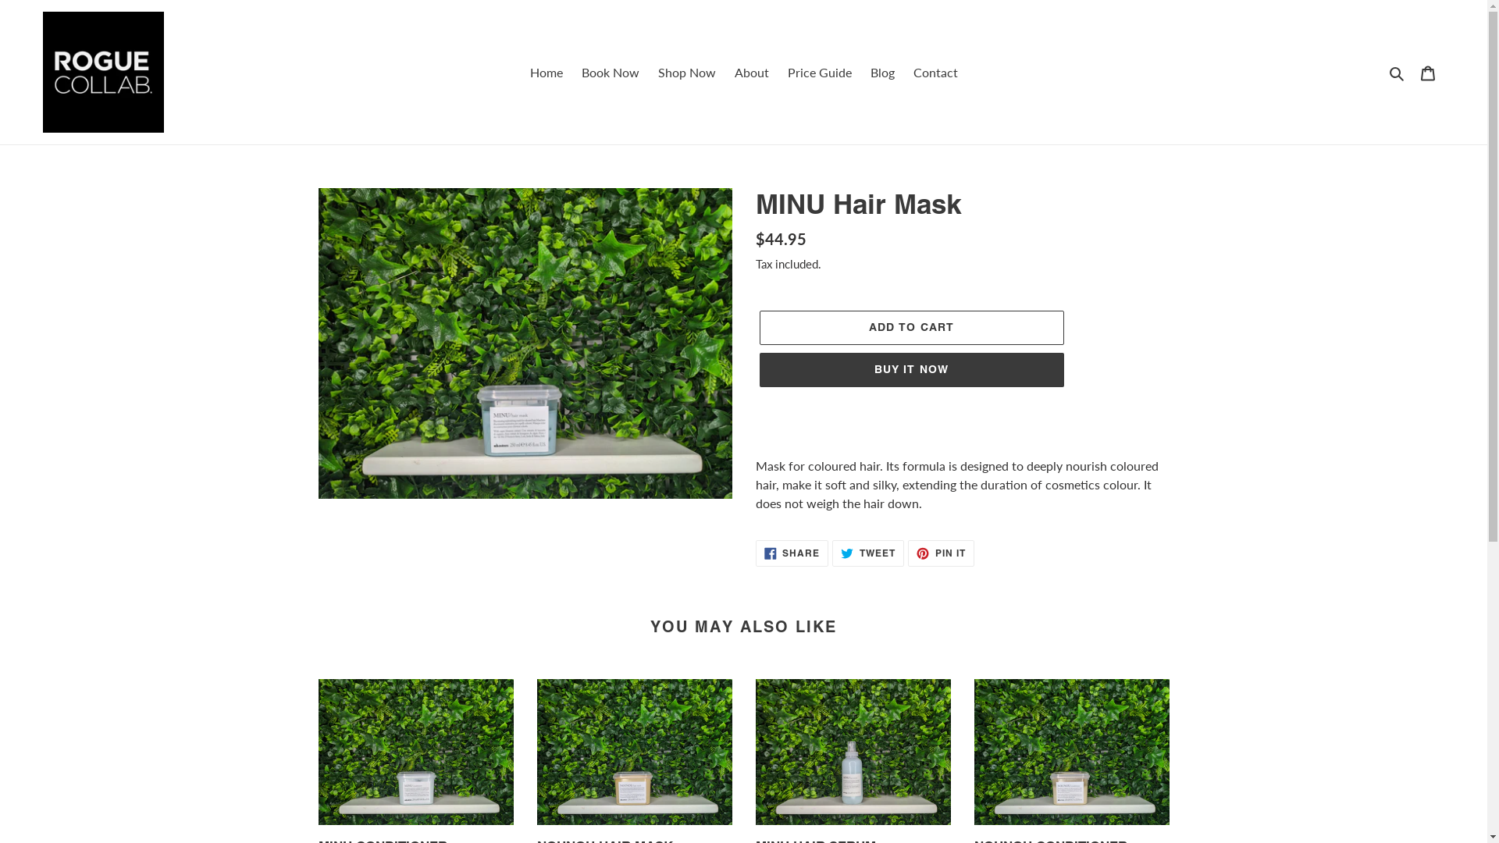 Image resolution: width=1499 pixels, height=843 pixels. Describe the element at coordinates (881, 72) in the screenshot. I see `'Blog'` at that location.